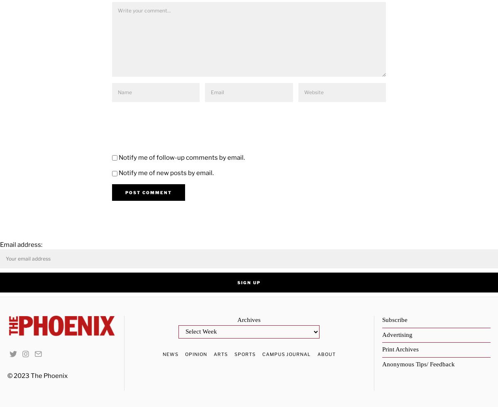  Describe the element at coordinates (166, 173) in the screenshot. I see `'Notify me of new posts by email.'` at that location.